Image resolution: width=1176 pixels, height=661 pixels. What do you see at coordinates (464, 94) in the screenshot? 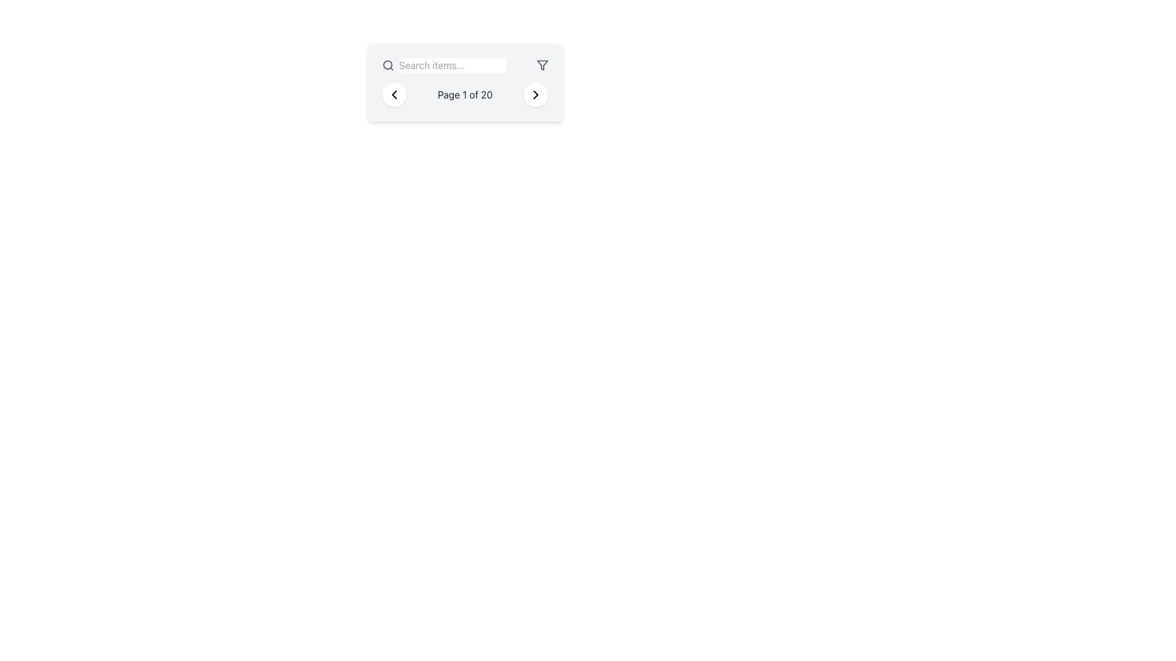
I see `the Text label that displays the current position within the paginated items, located at the center of the pagination control` at bounding box center [464, 94].